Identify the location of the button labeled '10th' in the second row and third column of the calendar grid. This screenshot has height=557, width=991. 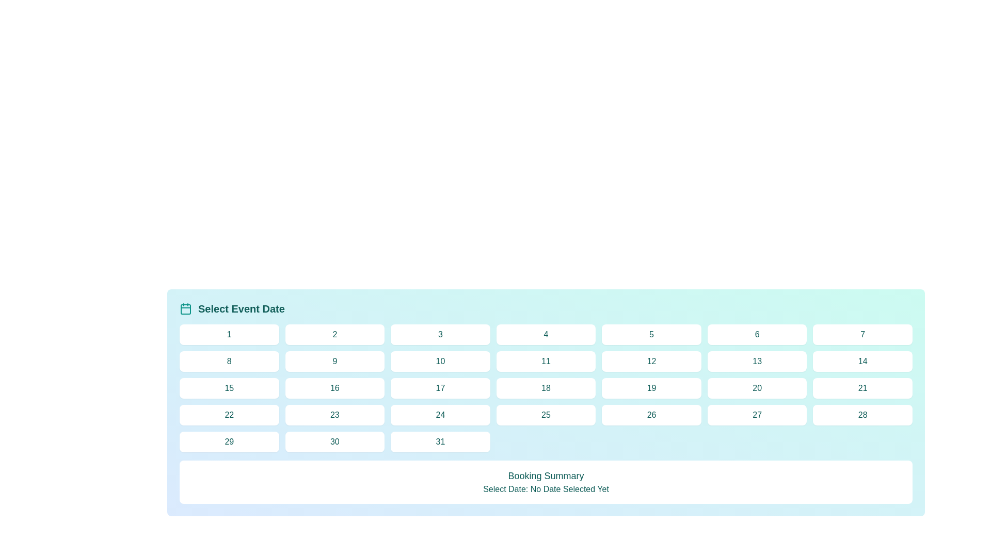
(440, 361).